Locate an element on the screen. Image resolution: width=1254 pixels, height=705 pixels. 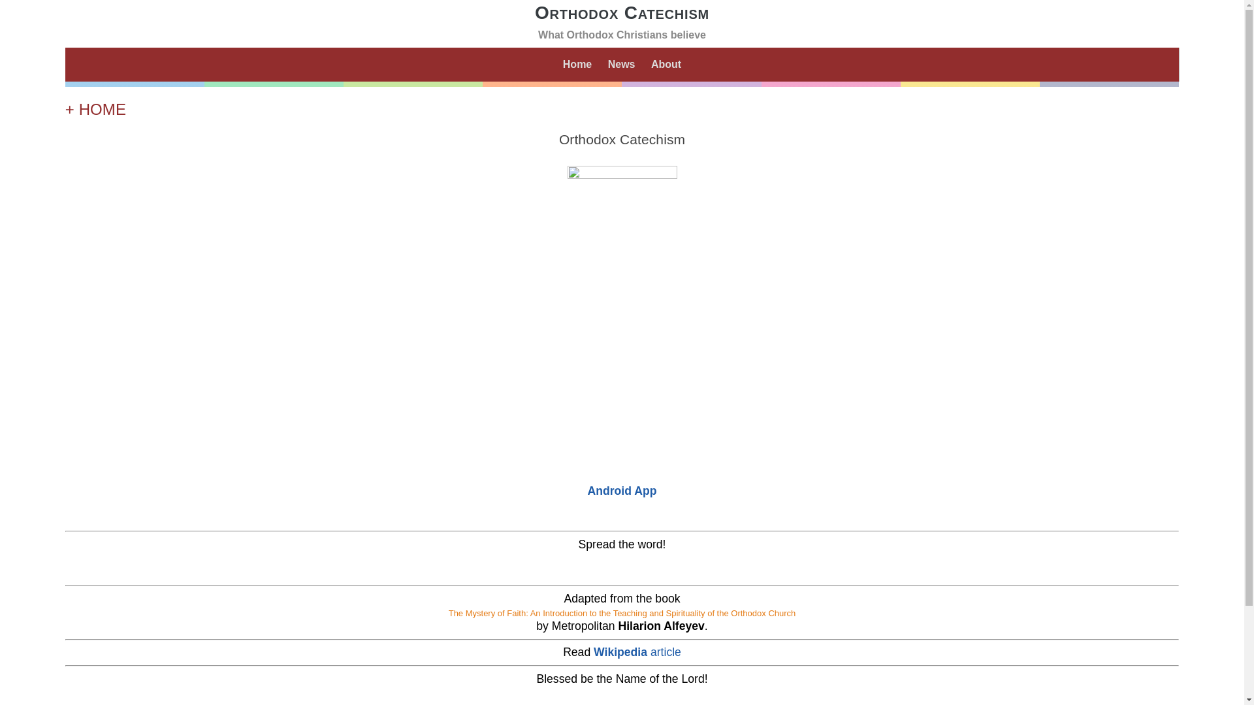
'News' is located at coordinates (620, 65).